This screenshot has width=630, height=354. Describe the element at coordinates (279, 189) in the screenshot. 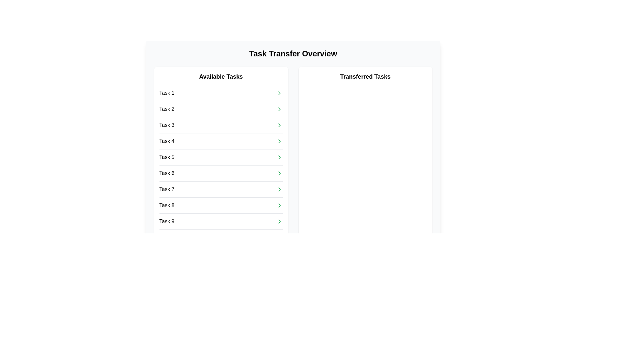

I see `the chevron-right icon in the 'Task 7' row under the 'Available Tasks' section, which is a minimalistic arrow-shaped vector graphic positioned at the far right of the row` at that location.